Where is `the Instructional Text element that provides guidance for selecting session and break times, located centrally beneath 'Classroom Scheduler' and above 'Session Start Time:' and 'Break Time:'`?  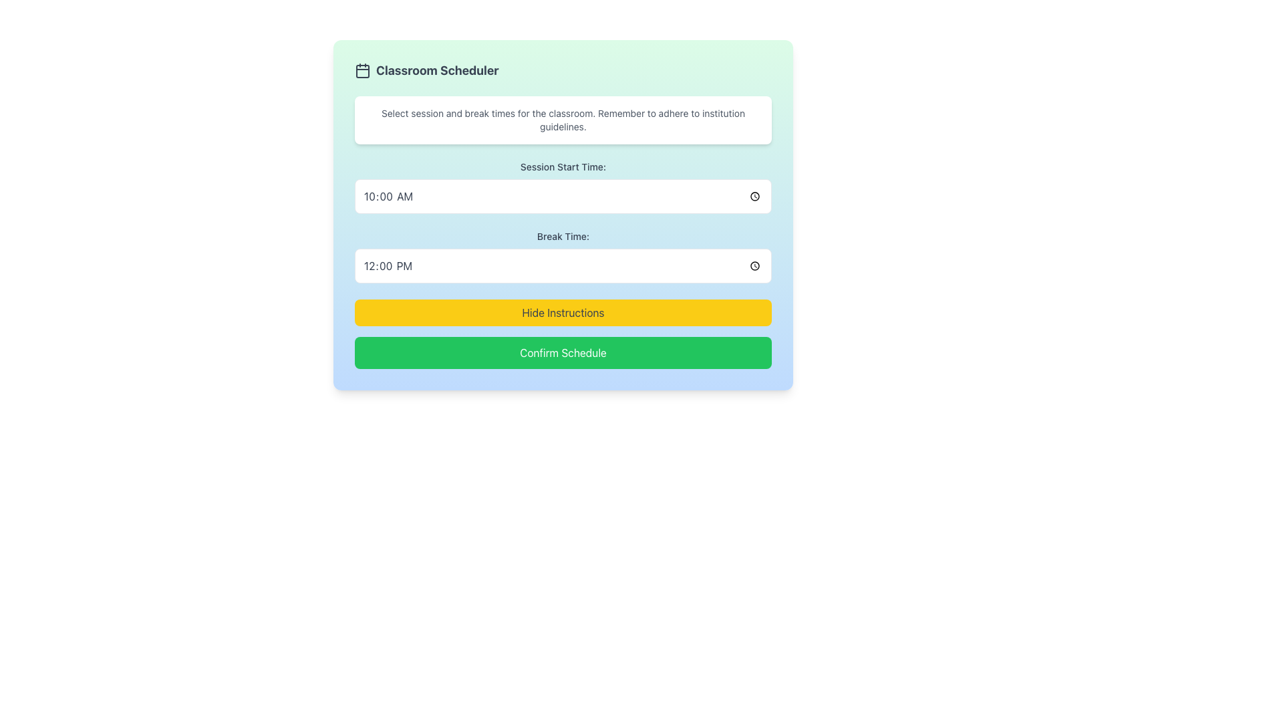
the Instructional Text element that provides guidance for selecting session and break times, located centrally beneath 'Classroom Scheduler' and above 'Session Start Time:' and 'Break Time:' is located at coordinates (563, 120).